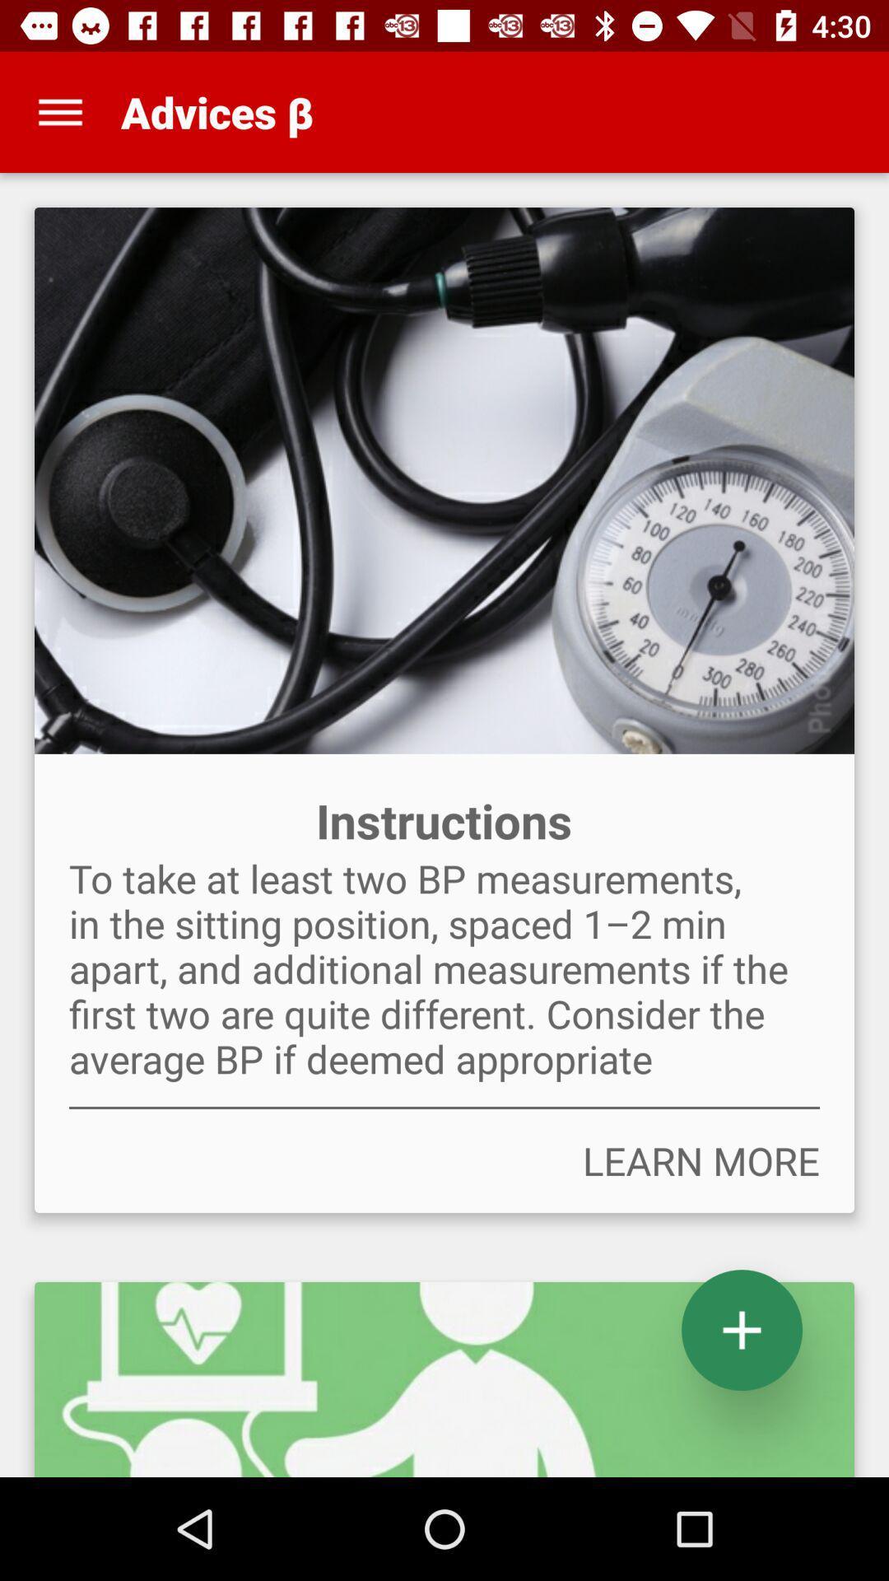  Describe the element at coordinates (59, 111) in the screenshot. I see `the item at the top left corner` at that location.